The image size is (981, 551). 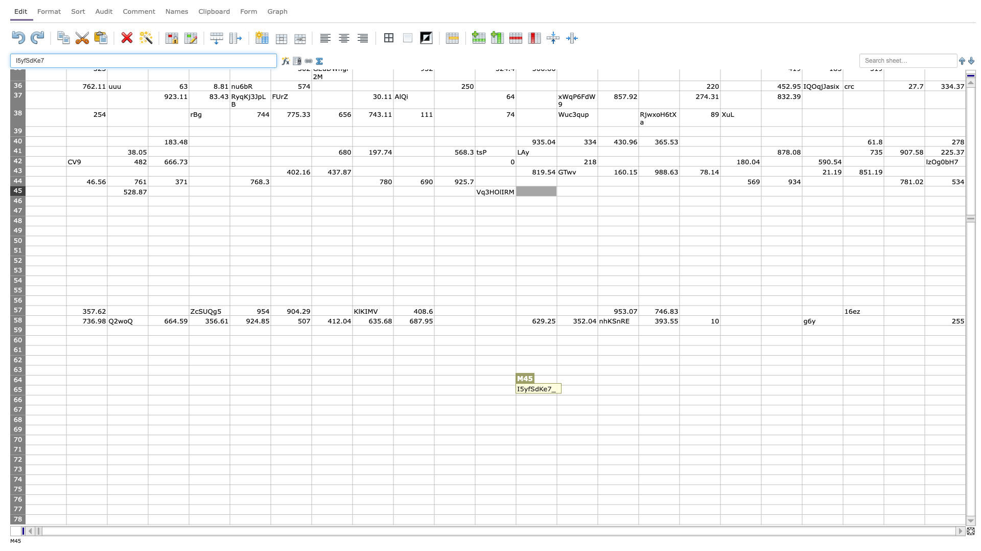 What do you see at coordinates (679, 394) in the screenshot?
I see `bottom right corner of cell P65` at bounding box center [679, 394].